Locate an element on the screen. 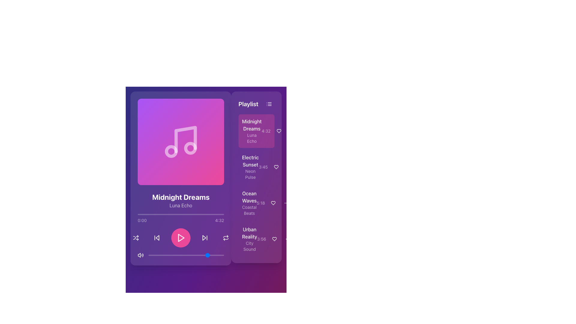 Image resolution: width=576 pixels, height=324 pixels. the heart icon located on the right side of the 'Midnight Dreams' song entry is located at coordinates (279, 130).